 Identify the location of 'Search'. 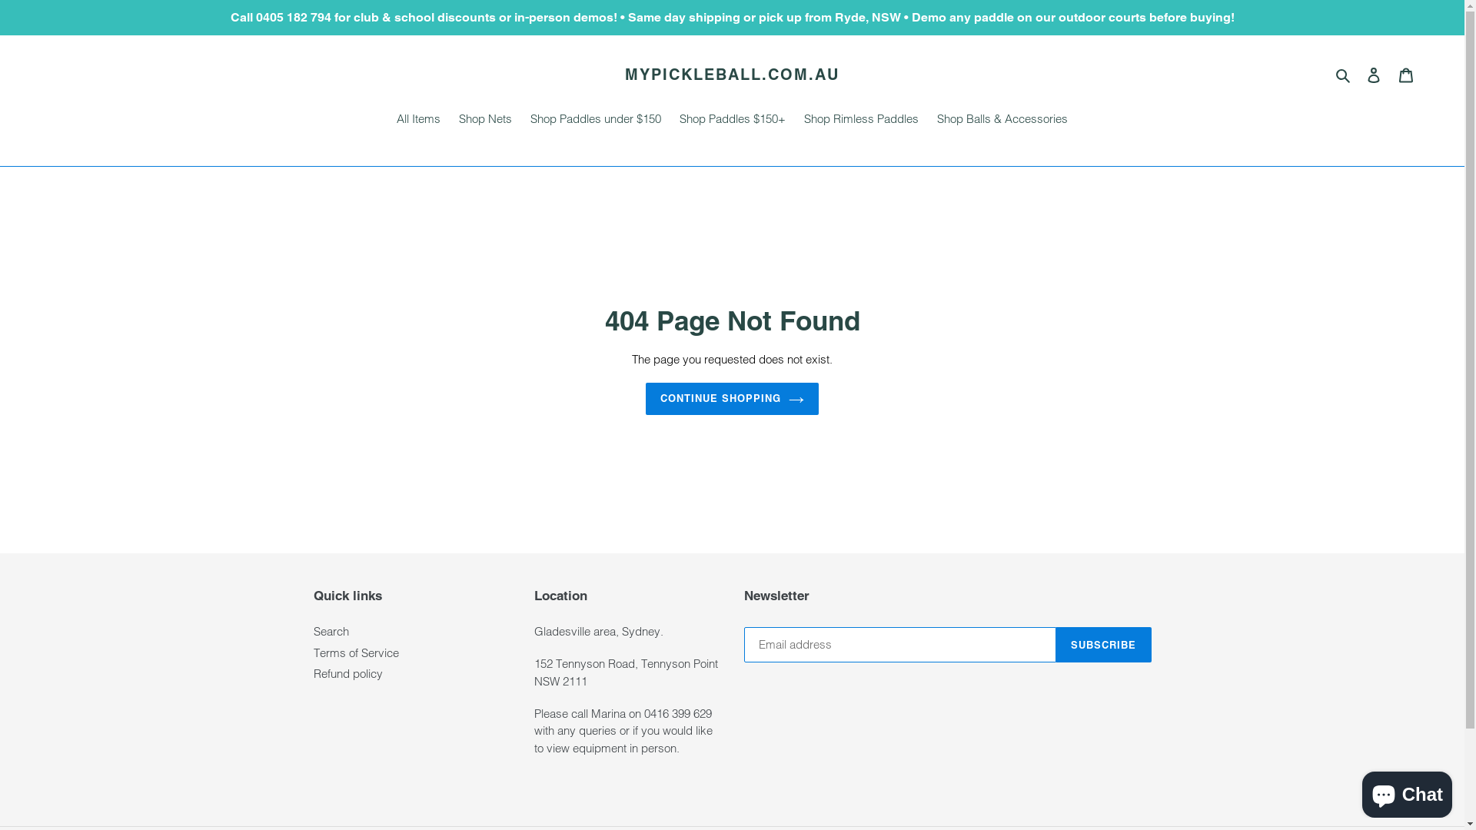
(1343, 75).